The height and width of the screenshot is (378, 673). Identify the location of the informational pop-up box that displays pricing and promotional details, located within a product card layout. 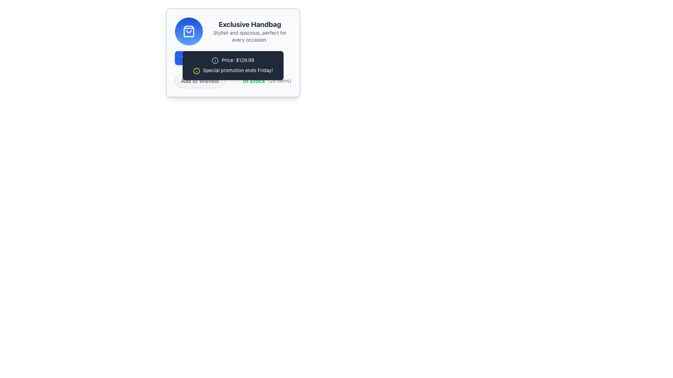
(233, 52).